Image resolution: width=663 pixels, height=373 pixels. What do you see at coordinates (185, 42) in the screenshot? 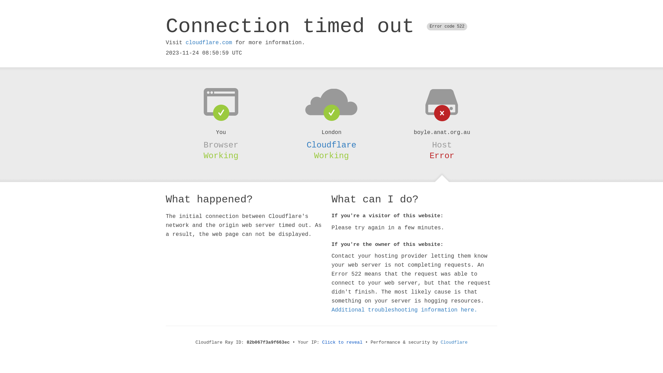
I see `'cloudflare.com'` at bounding box center [185, 42].